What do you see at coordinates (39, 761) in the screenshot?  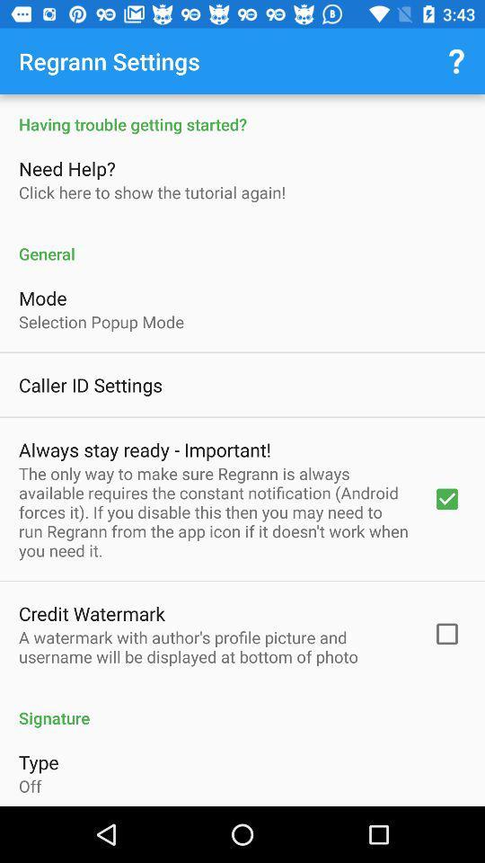 I see `the type icon` at bounding box center [39, 761].